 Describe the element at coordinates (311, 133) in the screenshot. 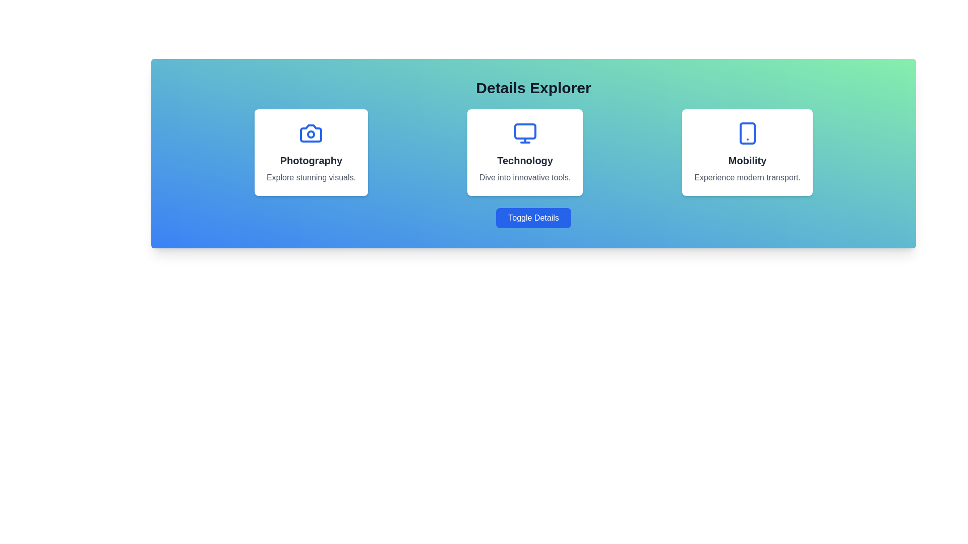

I see `the blue camera icon located centrally above the title 'Photography' within the leftmost card labeled 'Photography'` at that location.